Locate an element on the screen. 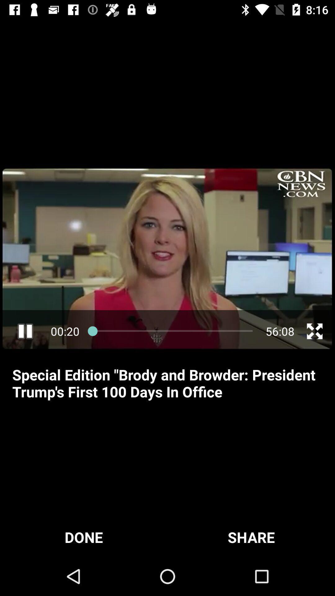 This screenshot has width=335, height=596. fullscreen is located at coordinates (315, 331).